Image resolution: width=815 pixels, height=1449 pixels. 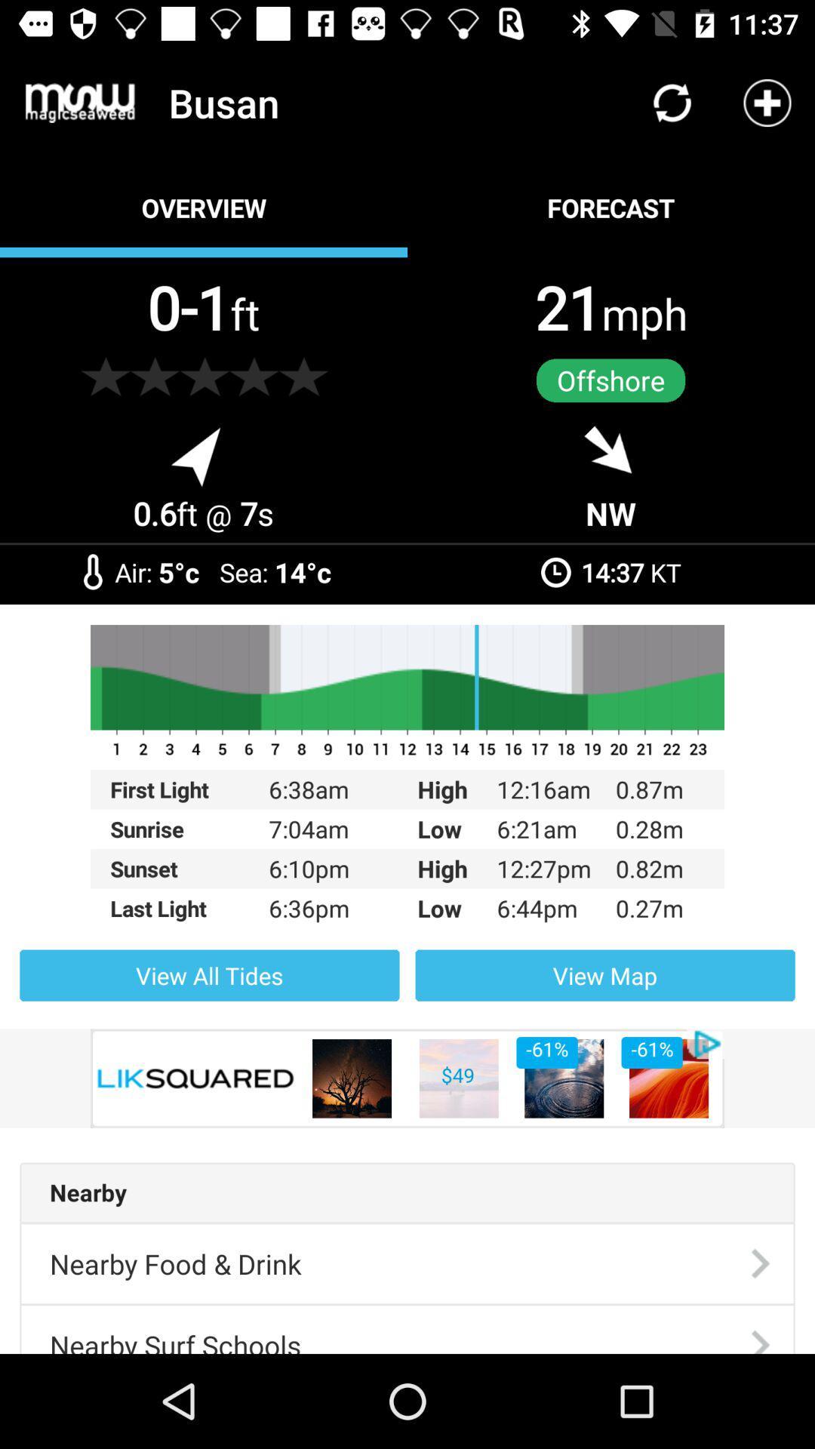 What do you see at coordinates (105, 377) in the screenshot?
I see `item above the 0.6ft @ 7s` at bounding box center [105, 377].